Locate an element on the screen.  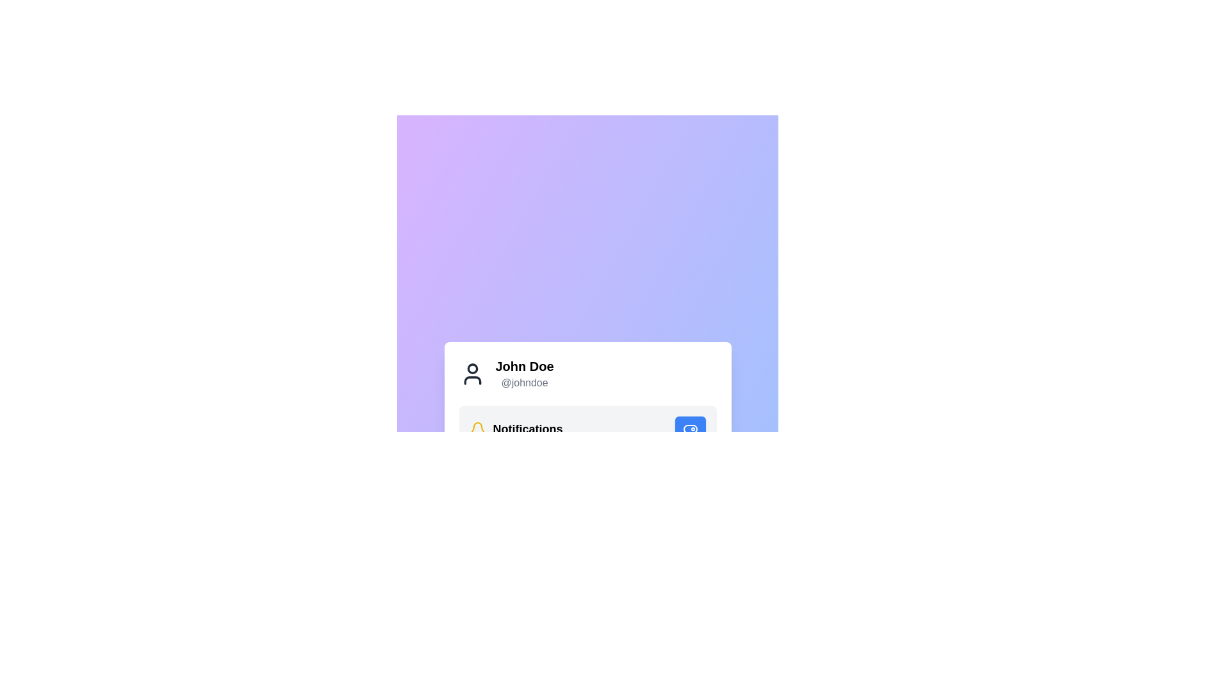
the graphical circle within the SVG icon that represents the user's profile on the user profile card is located at coordinates (471, 368).